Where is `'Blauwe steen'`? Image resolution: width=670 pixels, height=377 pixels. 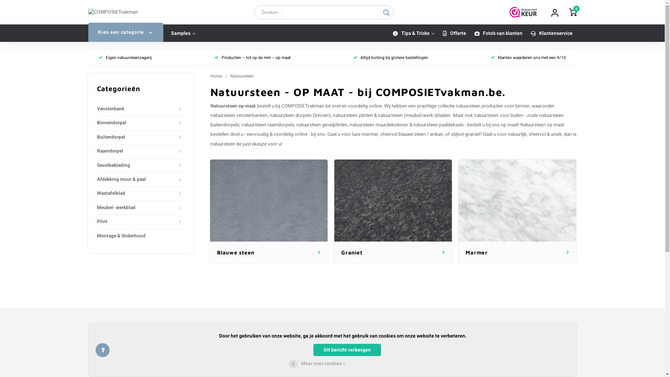 'Blauwe steen' is located at coordinates (268, 200).